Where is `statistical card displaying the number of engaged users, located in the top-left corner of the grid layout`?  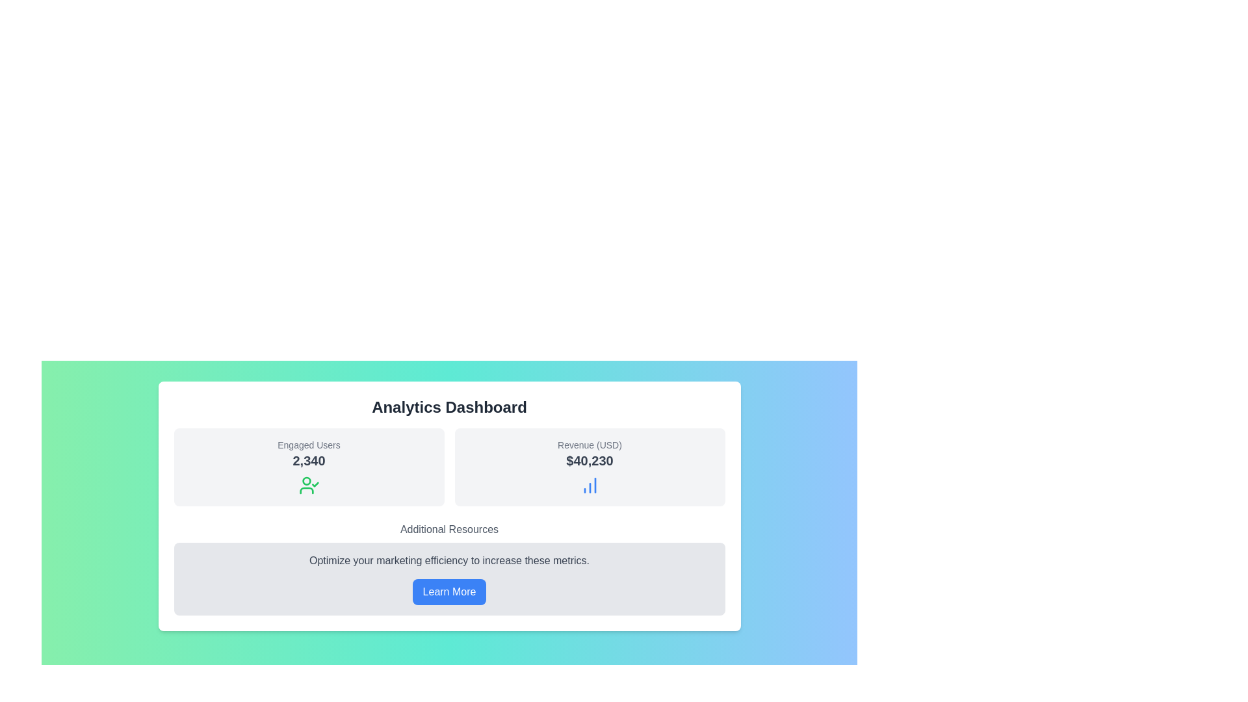
statistical card displaying the number of engaged users, located in the top-left corner of the grid layout is located at coordinates (308, 466).